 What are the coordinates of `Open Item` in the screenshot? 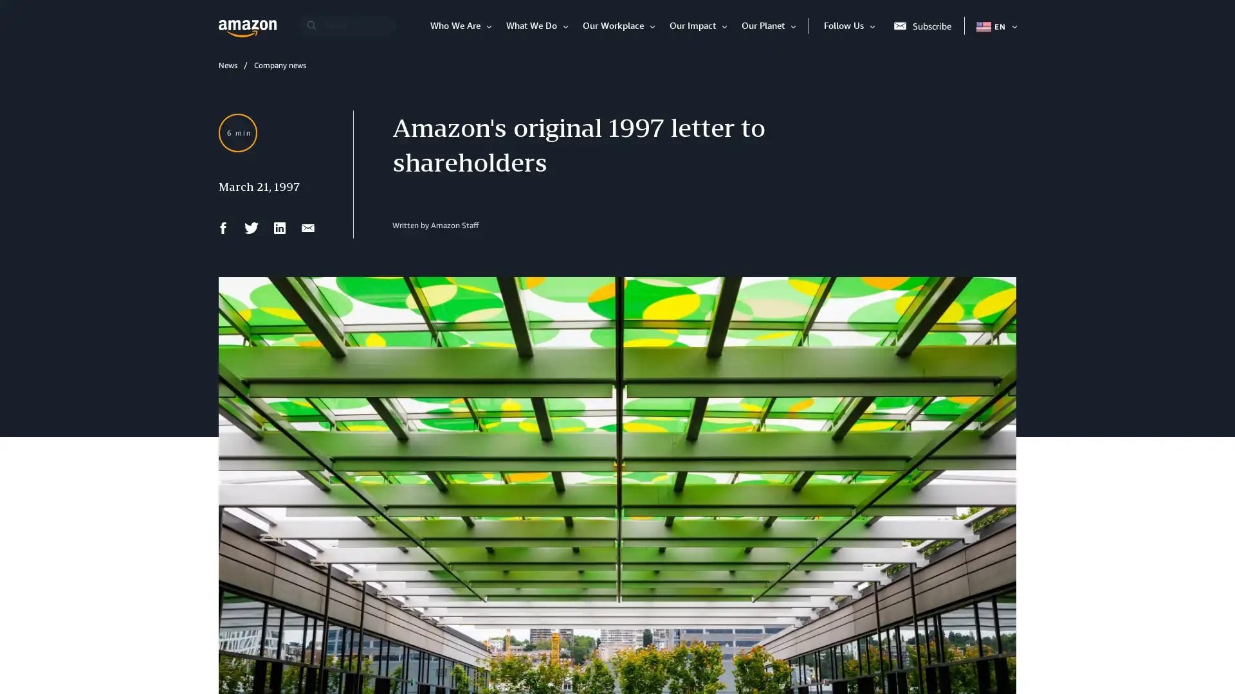 It's located at (874, 25).